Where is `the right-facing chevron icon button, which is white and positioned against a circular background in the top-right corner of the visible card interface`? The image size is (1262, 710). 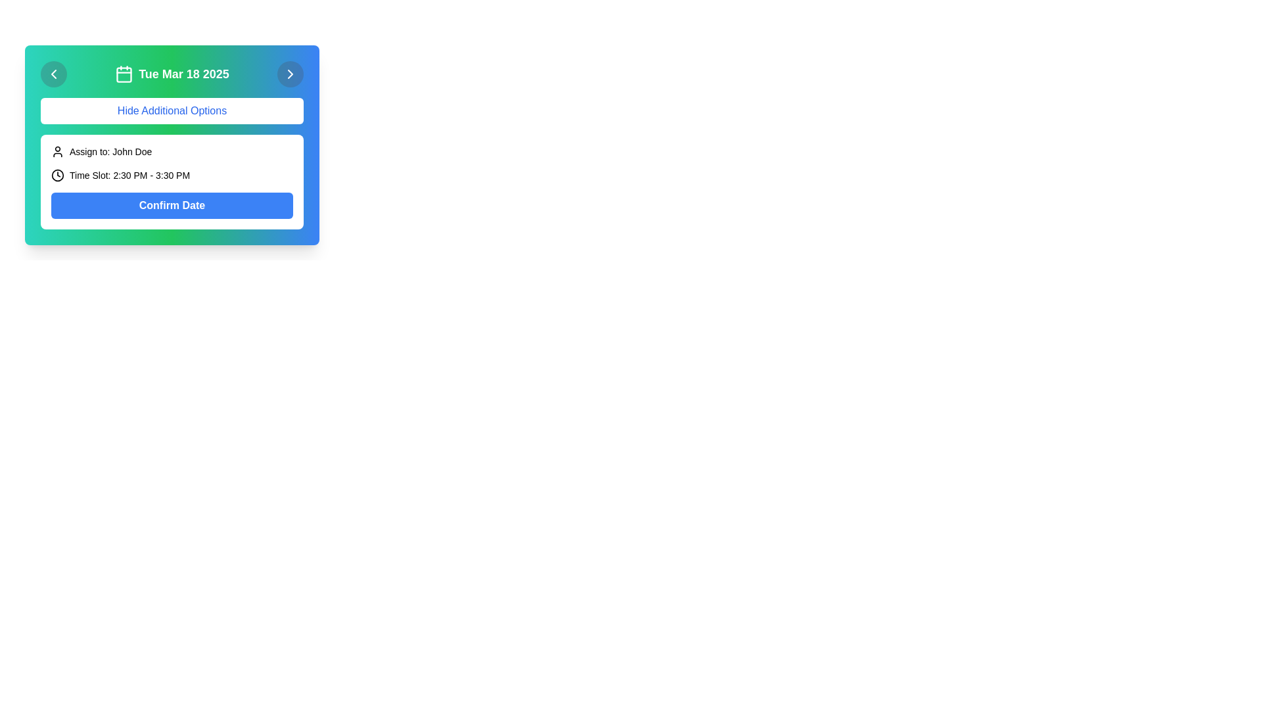 the right-facing chevron icon button, which is white and positioned against a circular background in the top-right corner of the visible card interface is located at coordinates (289, 74).